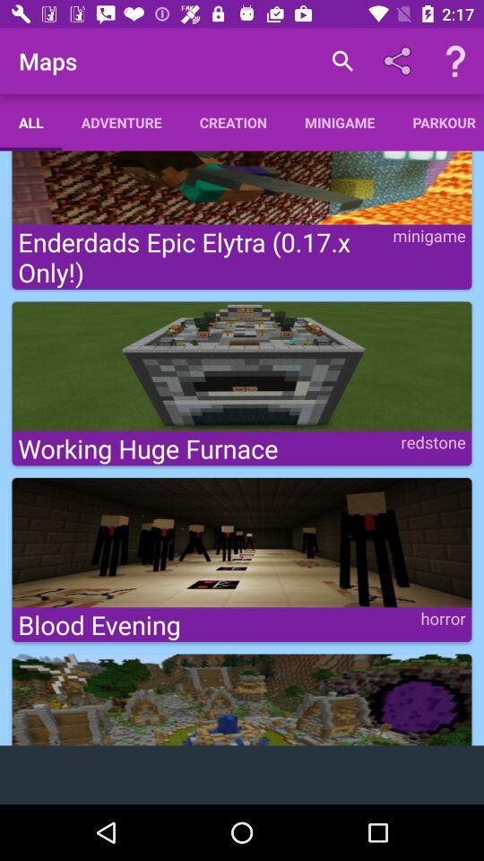  Describe the element at coordinates (121, 121) in the screenshot. I see `the app next to the creation` at that location.